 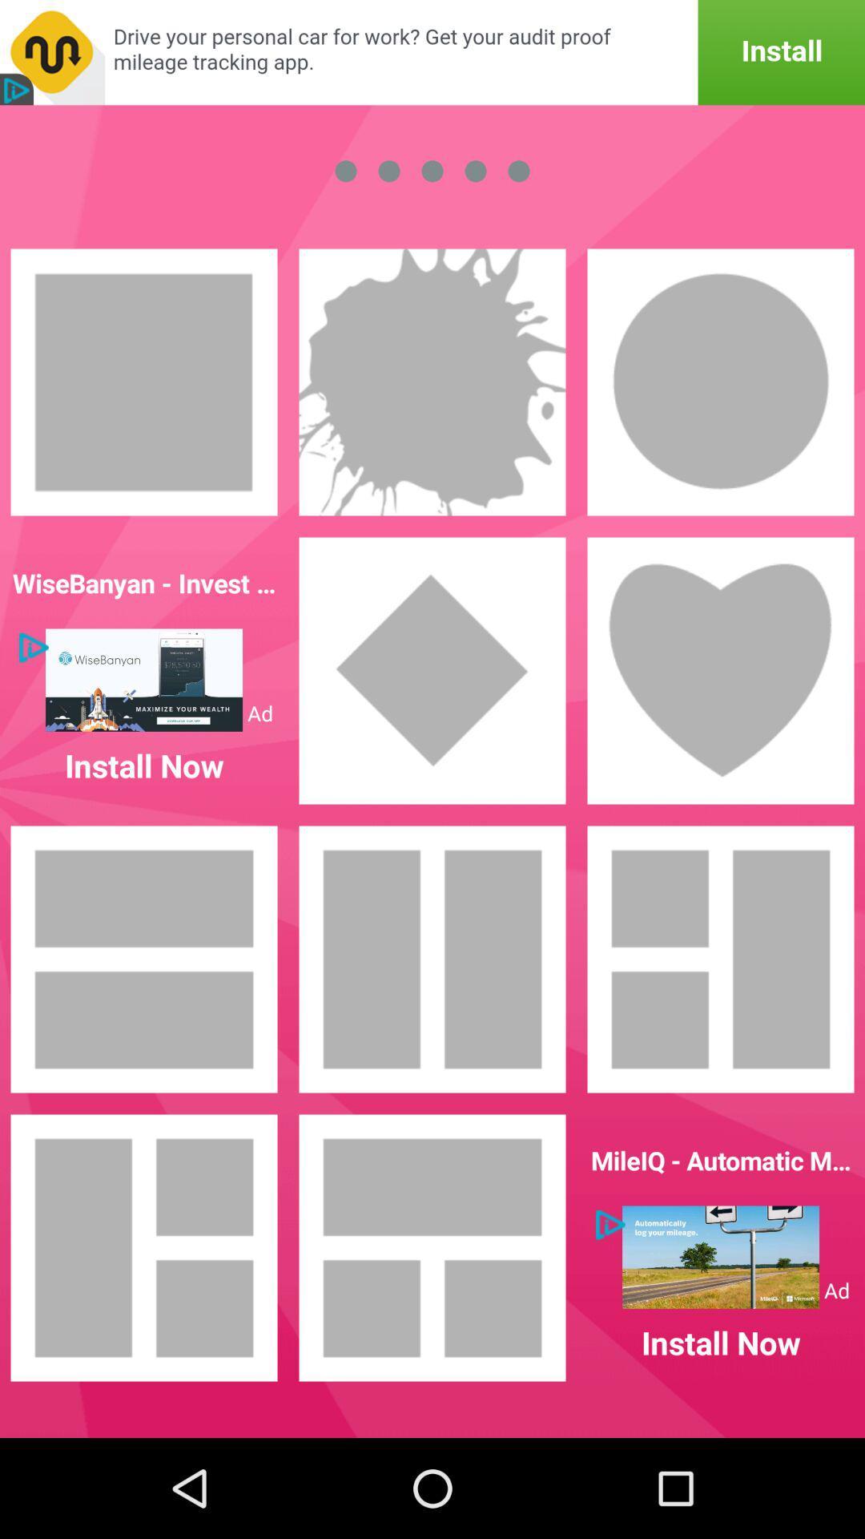 What do you see at coordinates (432, 1246) in the screenshot?
I see `the second image in the last row` at bounding box center [432, 1246].